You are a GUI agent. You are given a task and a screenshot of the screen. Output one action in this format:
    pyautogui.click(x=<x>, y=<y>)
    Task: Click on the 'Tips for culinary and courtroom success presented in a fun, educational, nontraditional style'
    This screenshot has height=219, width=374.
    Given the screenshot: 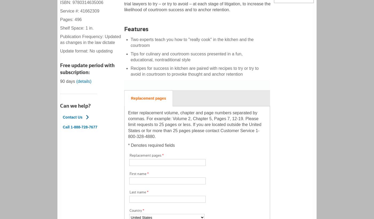 What is the action you would take?
    pyautogui.click(x=186, y=57)
    